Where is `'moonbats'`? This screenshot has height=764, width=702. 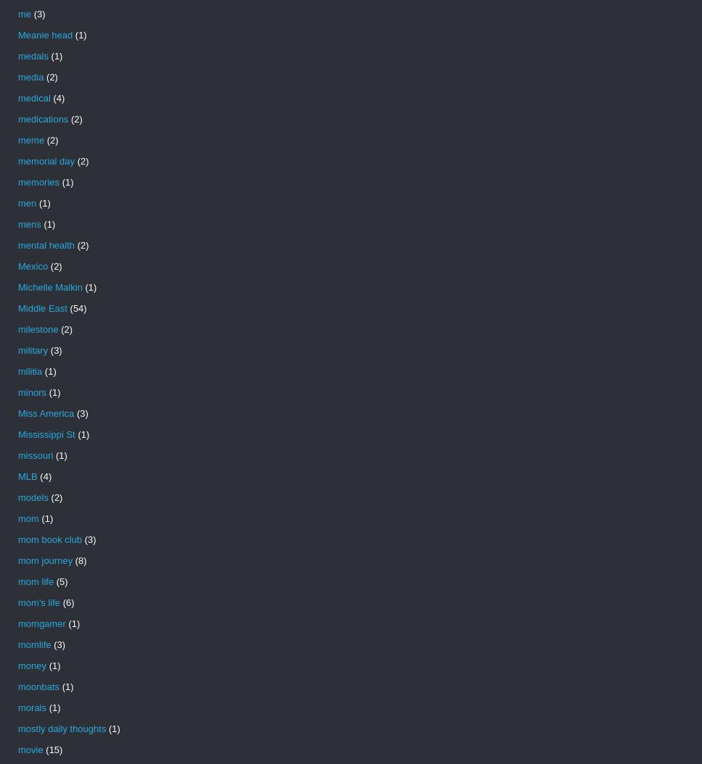
'moonbats' is located at coordinates (17, 686).